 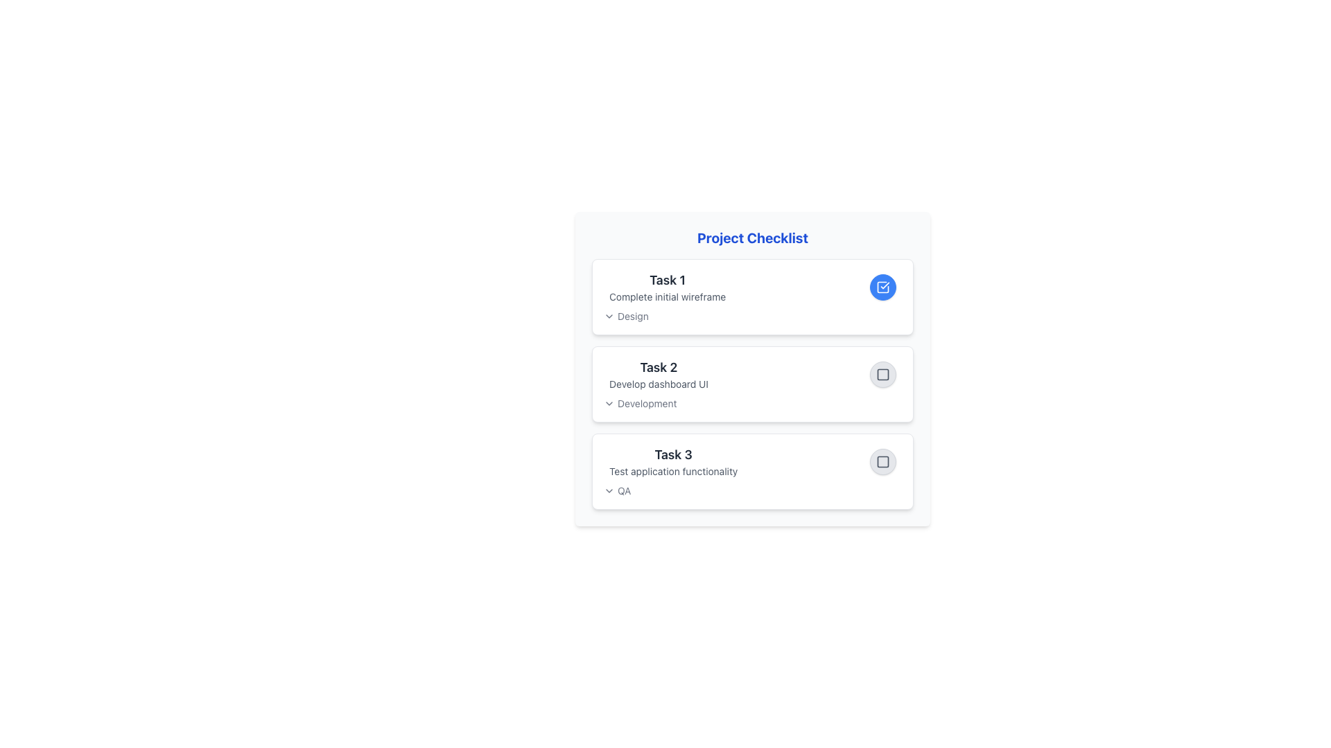 I want to click on the static text label located beneath the 'Task 2' header, which describes the sub-task under the 'Task 2: Develop dashboard UI.', so click(x=646, y=403).